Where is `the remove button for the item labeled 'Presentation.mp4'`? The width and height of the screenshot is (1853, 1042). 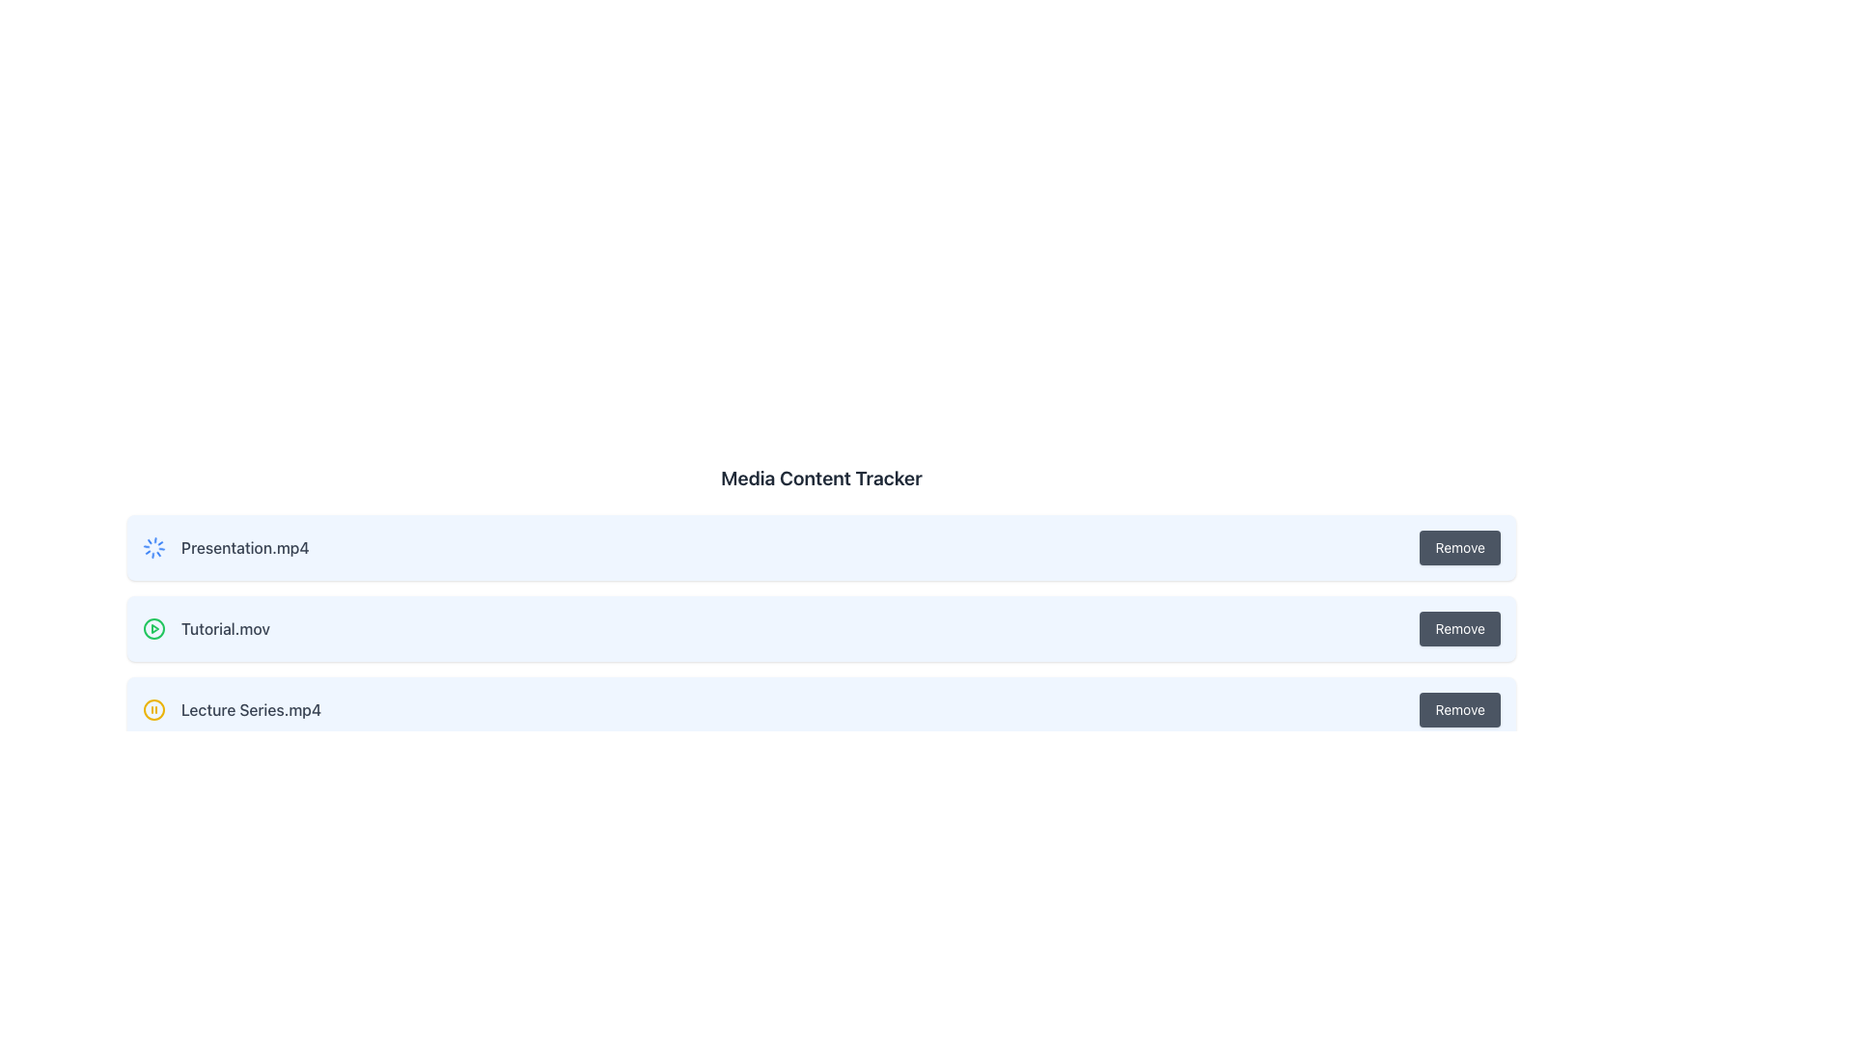 the remove button for the item labeled 'Presentation.mp4' is located at coordinates (1460, 547).